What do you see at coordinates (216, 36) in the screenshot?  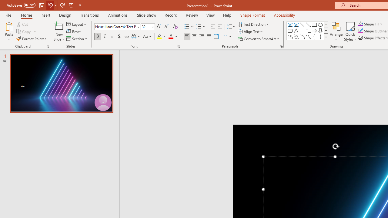 I see `'Distributed'` at bounding box center [216, 36].